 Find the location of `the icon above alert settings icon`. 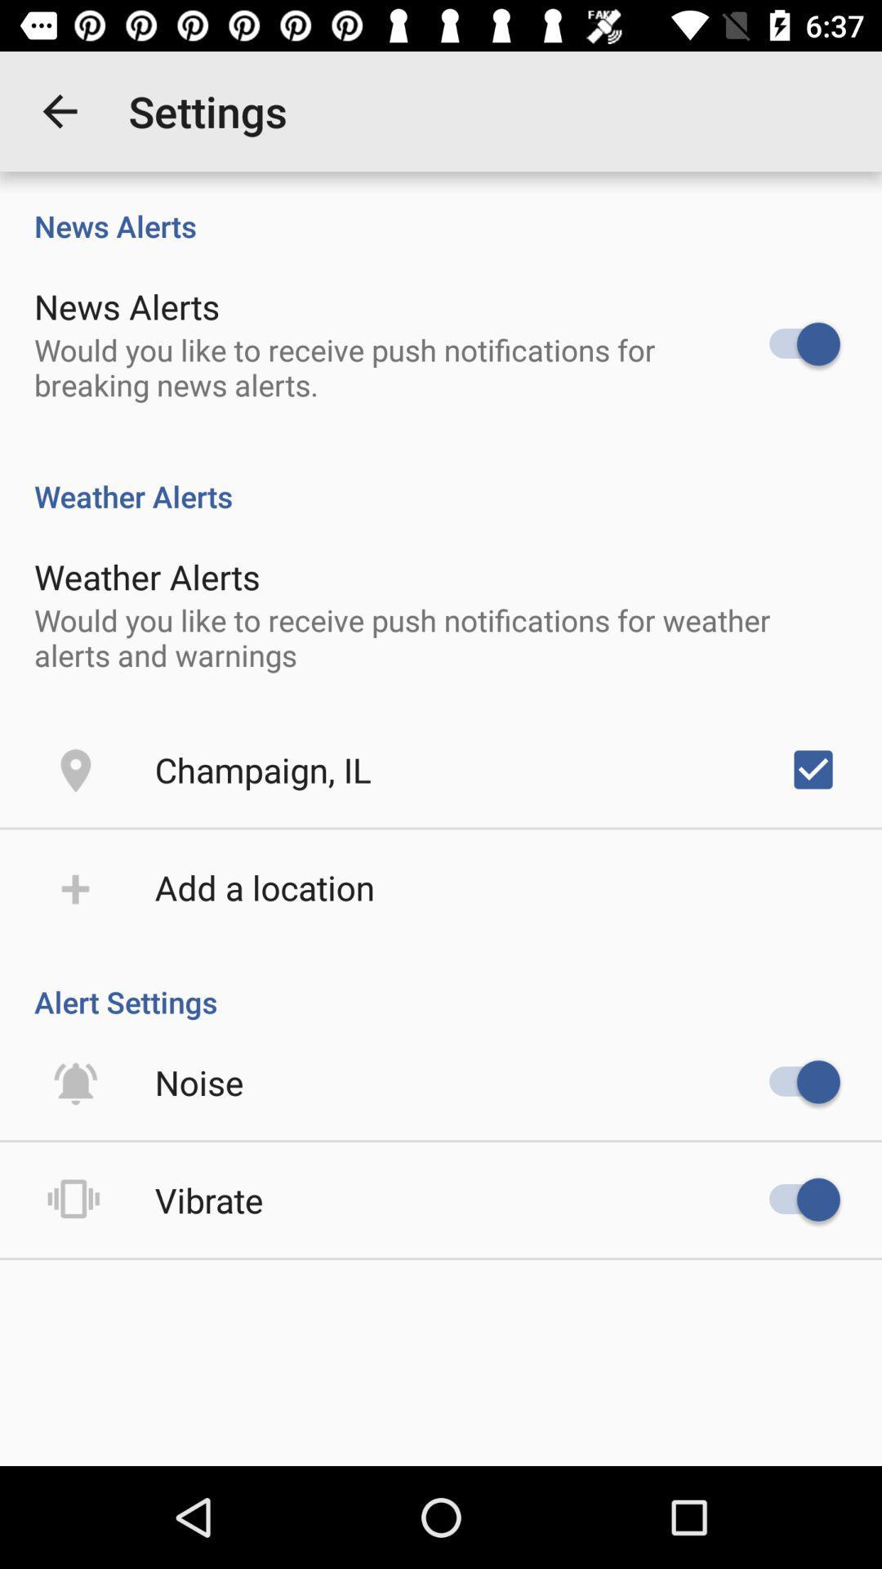

the icon above alert settings icon is located at coordinates (264, 886).